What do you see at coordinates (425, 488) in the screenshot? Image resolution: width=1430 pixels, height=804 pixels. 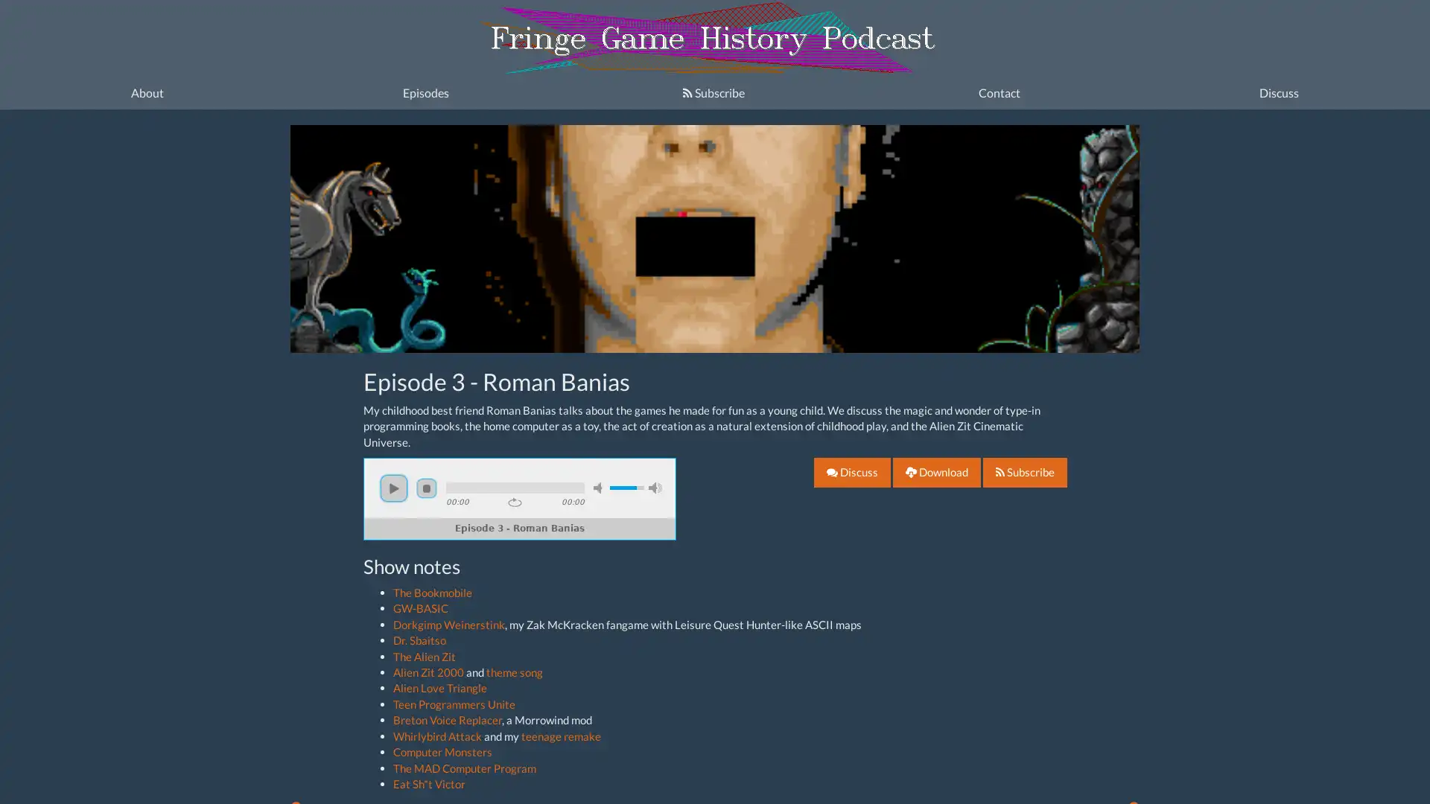 I see `stop` at bounding box center [425, 488].